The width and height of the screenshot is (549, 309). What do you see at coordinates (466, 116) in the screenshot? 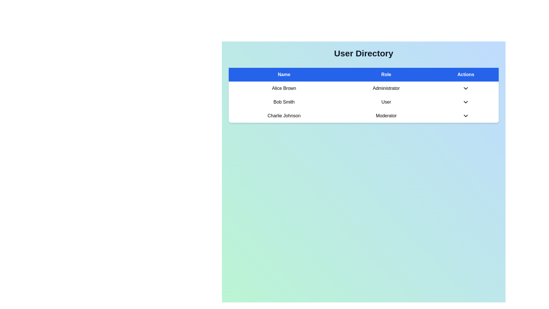
I see `the chevron button located in the 'Actions' column for 'Charlie Johnson', who has the 'Moderator' role` at bounding box center [466, 116].